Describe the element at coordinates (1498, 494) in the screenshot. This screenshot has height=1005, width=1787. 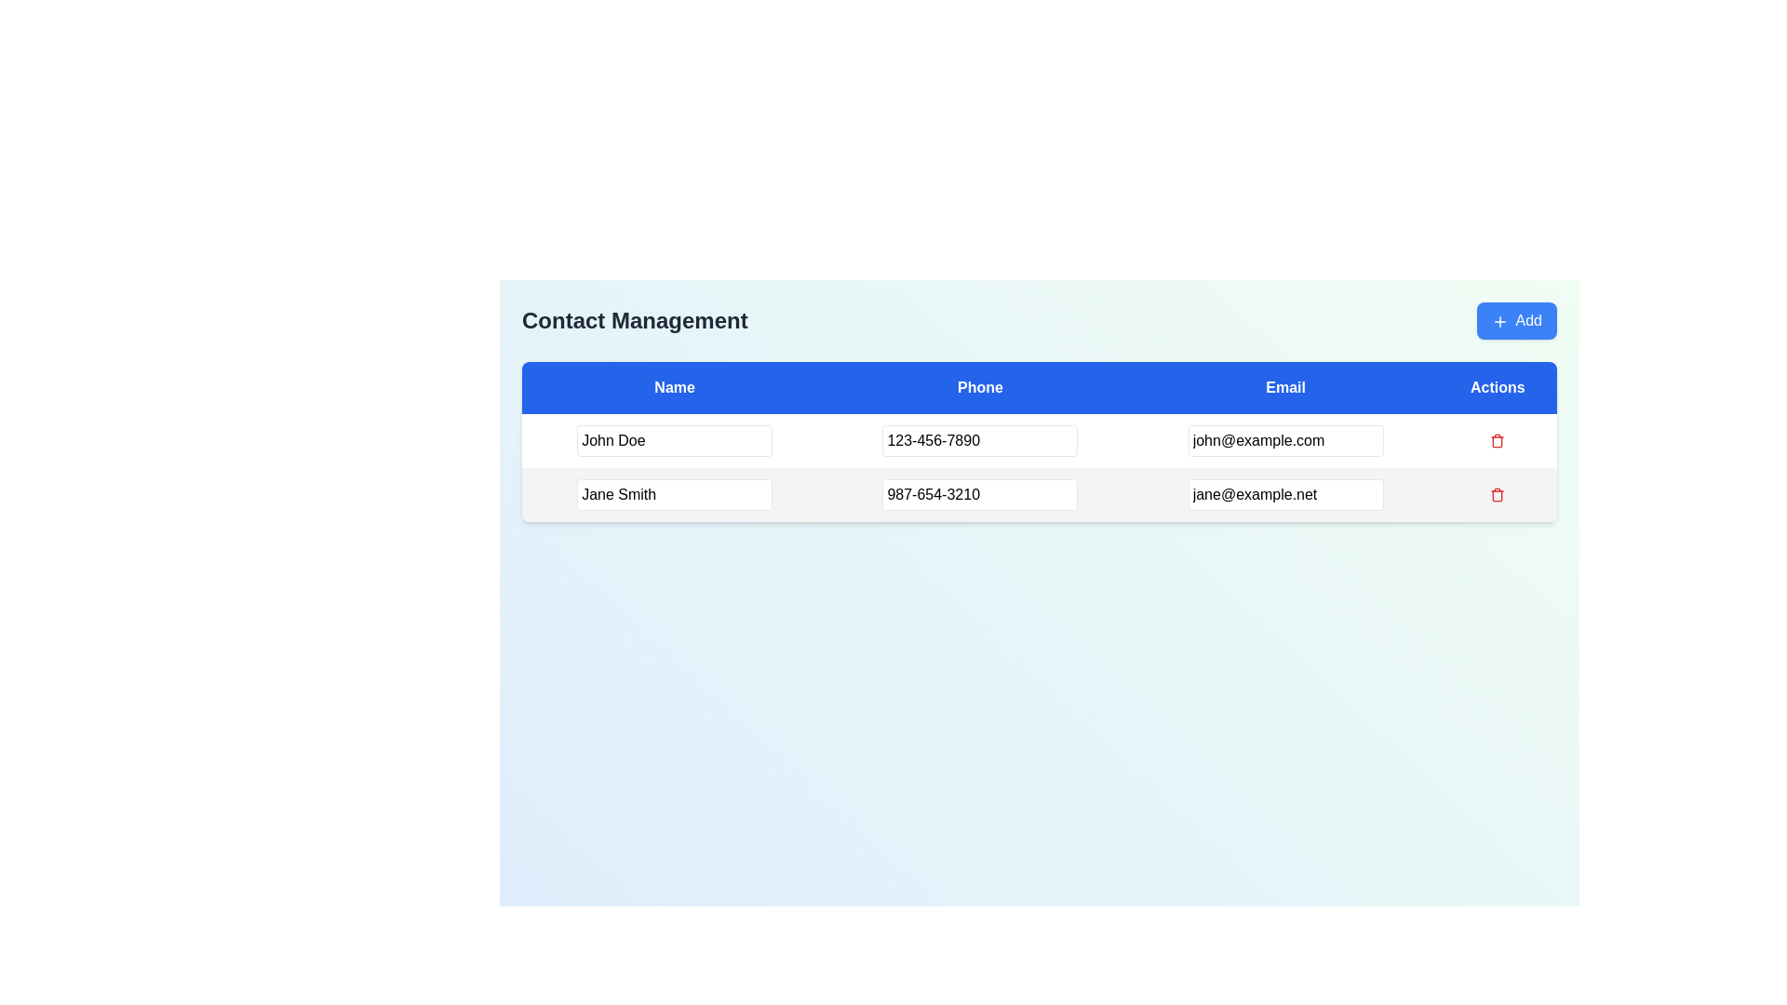
I see `the trash bin icon in the Actions column` at that location.